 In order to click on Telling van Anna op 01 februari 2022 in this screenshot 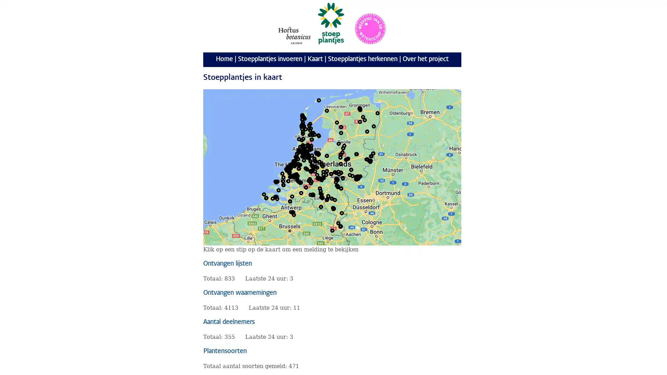, I will do `click(288, 167)`.